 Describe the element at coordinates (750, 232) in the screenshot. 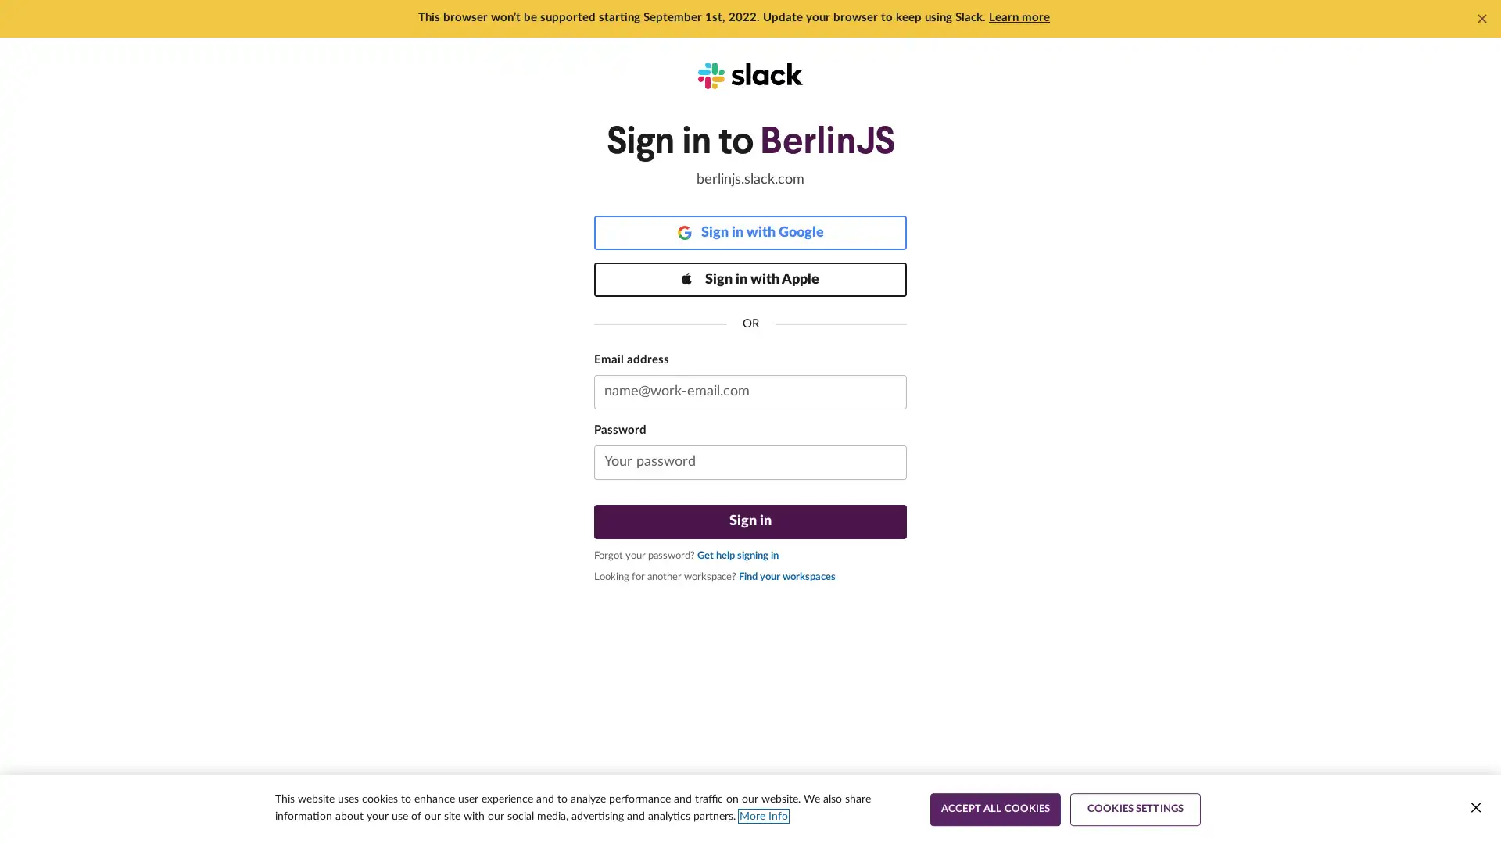

I see `Sign in with Google` at that location.